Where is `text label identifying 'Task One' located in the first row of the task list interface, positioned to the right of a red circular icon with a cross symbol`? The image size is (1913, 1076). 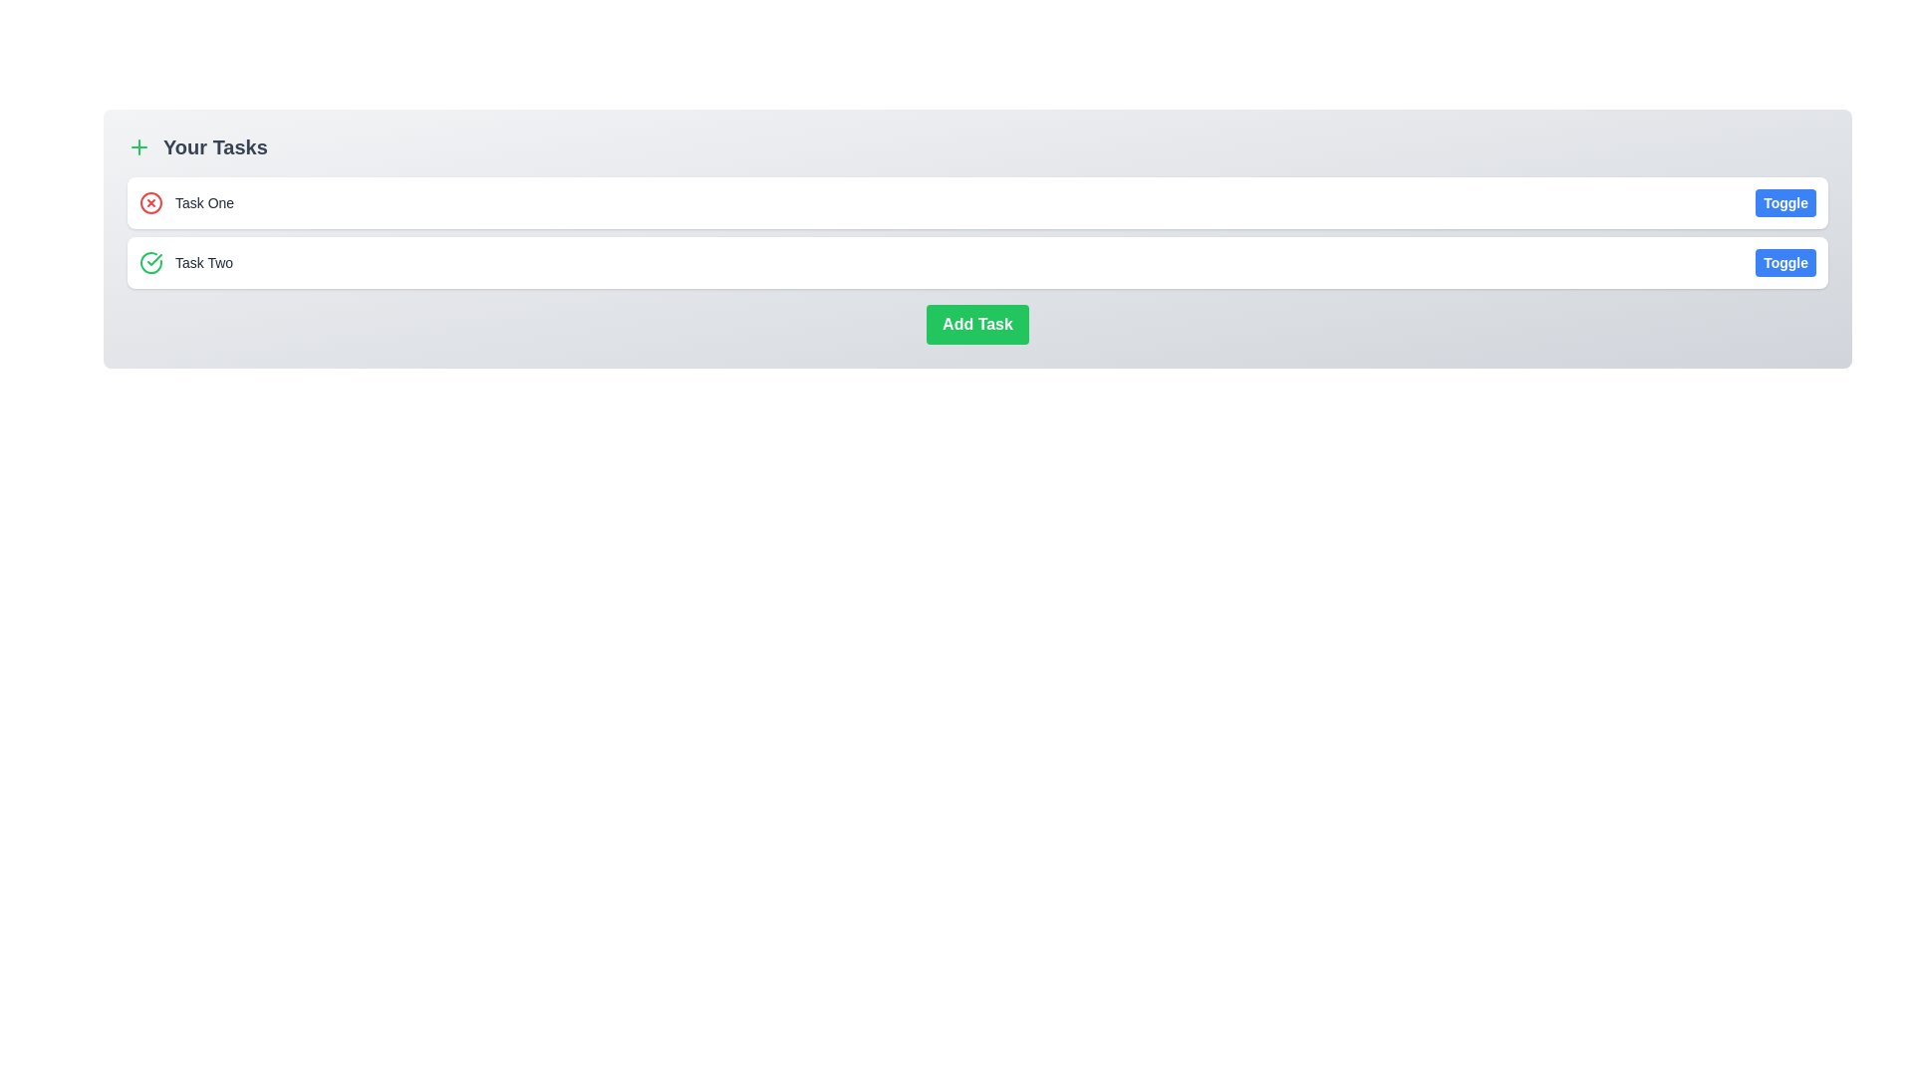 text label identifying 'Task One' located in the first row of the task list interface, positioned to the right of a red circular icon with a cross symbol is located at coordinates (204, 203).